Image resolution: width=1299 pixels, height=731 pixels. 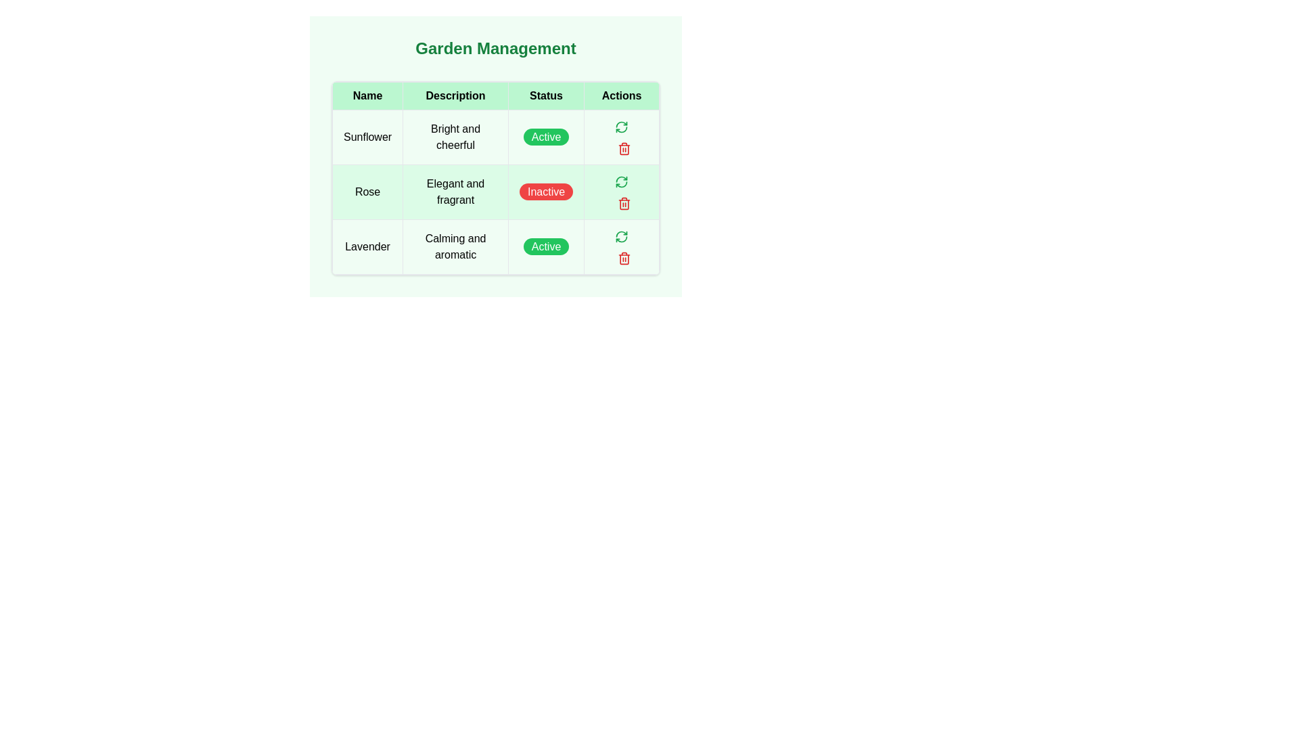 What do you see at coordinates (621, 180) in the screenshot?
I see `the green rounded button with a refresh icon located in the 'Actions' column of the table row for the 'Rose' entry` at bounding box center [621, 180].